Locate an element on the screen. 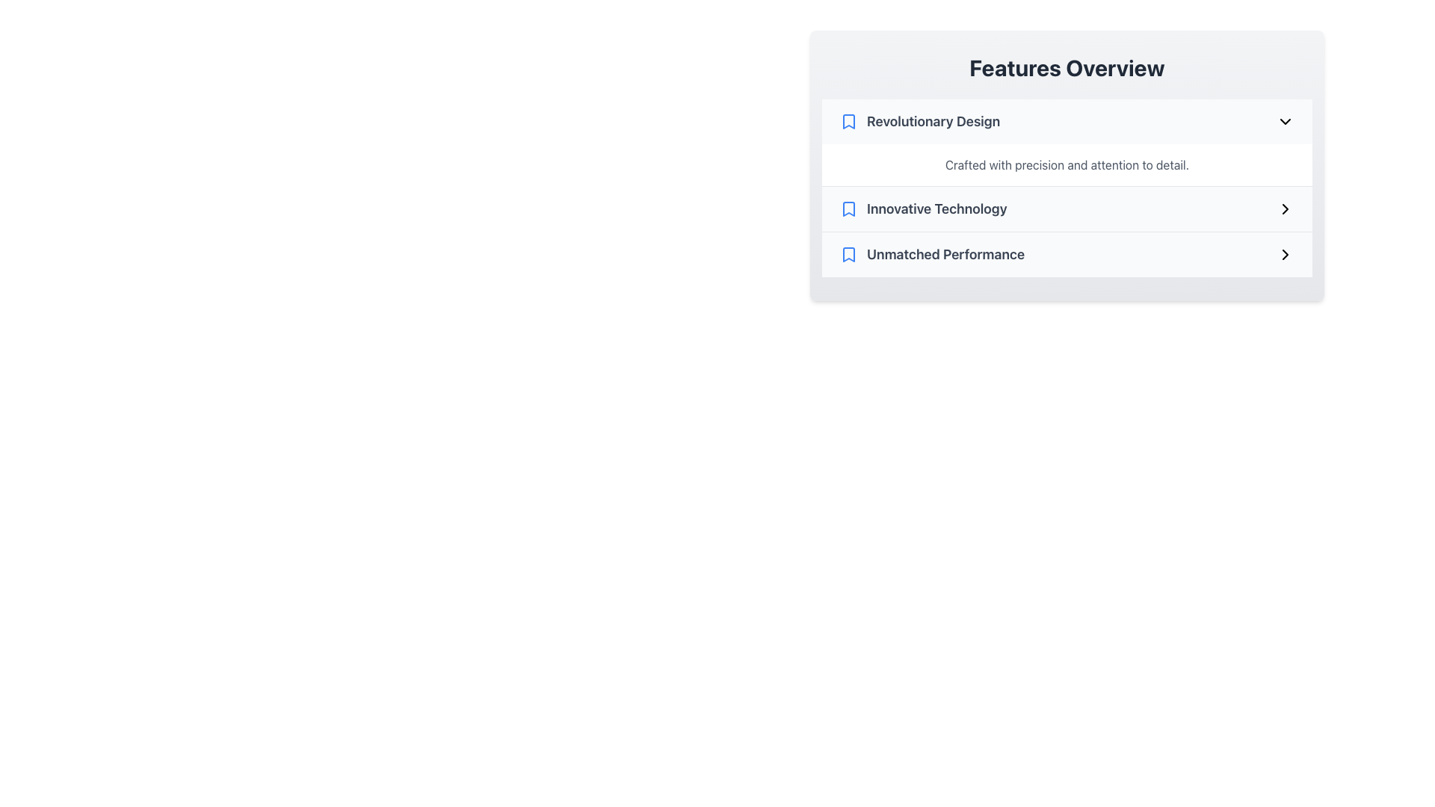 The height and width of the screenshot is (807, 1435). the interactive list item labeled 'Innovative Technology' is located at coordinates (1067, 209).